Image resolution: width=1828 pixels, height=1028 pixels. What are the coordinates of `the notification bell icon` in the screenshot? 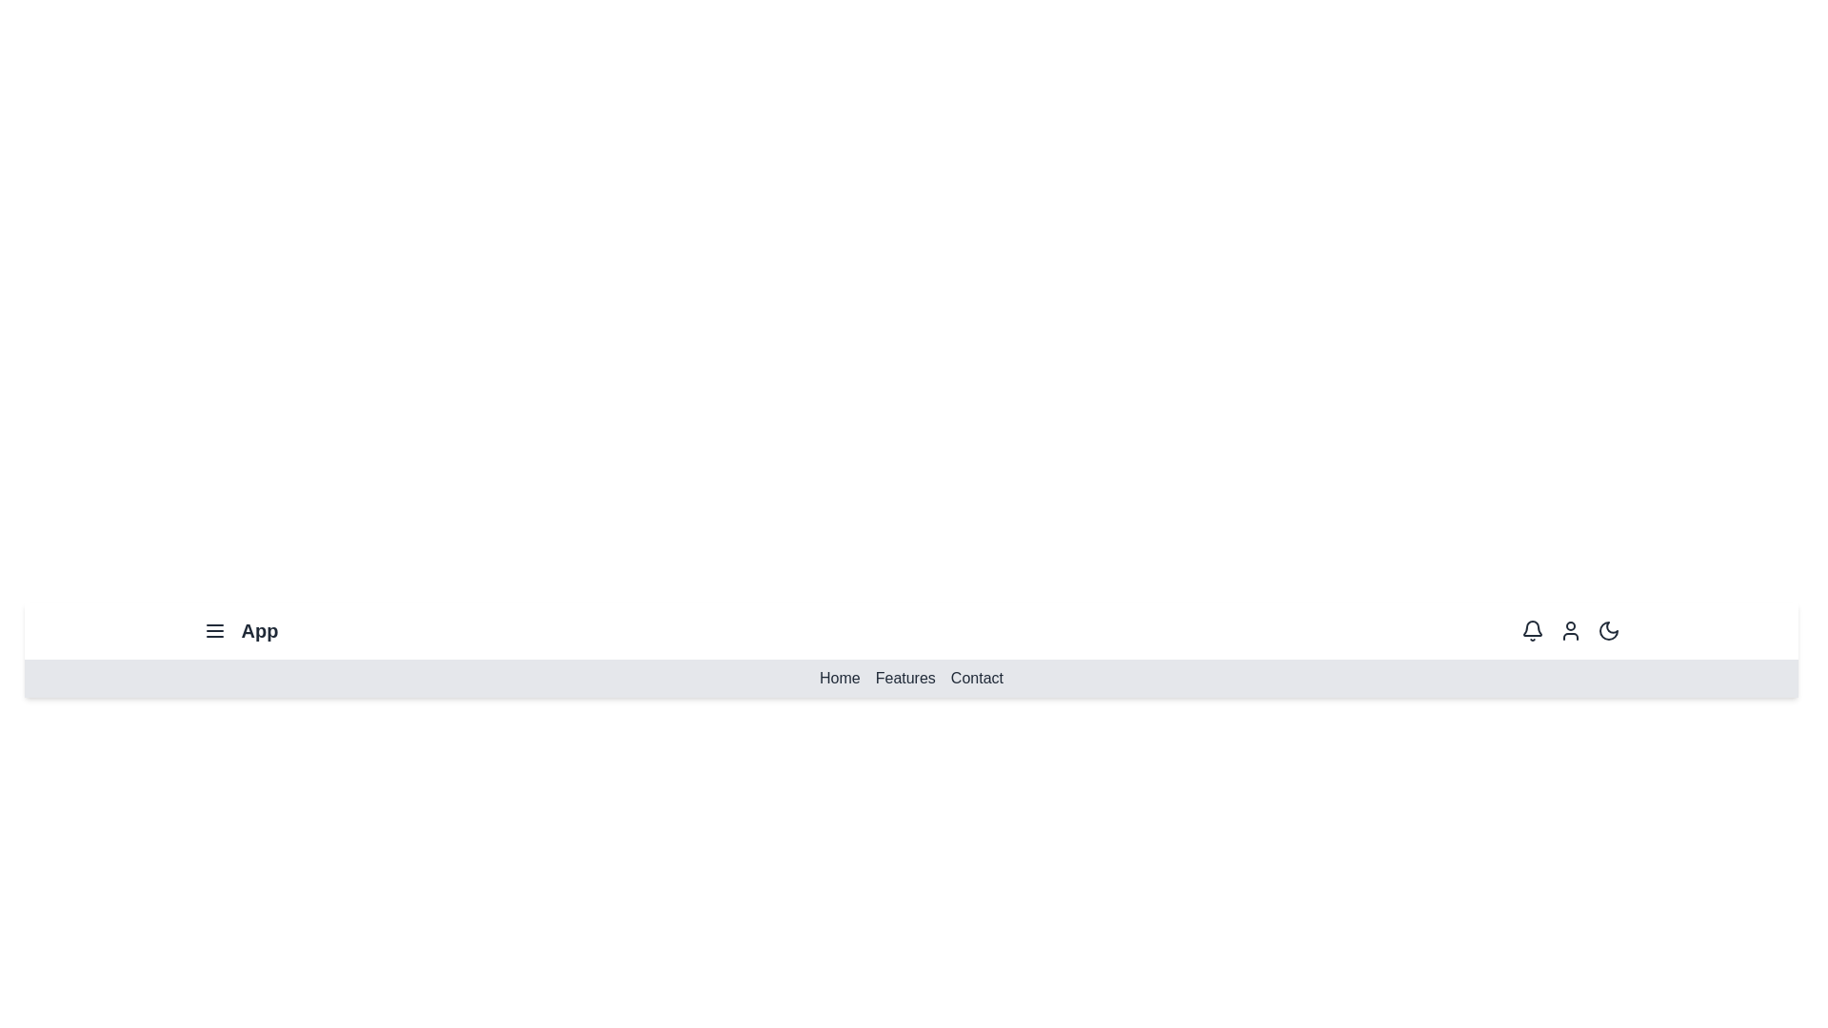 It's located at (1532, 631).